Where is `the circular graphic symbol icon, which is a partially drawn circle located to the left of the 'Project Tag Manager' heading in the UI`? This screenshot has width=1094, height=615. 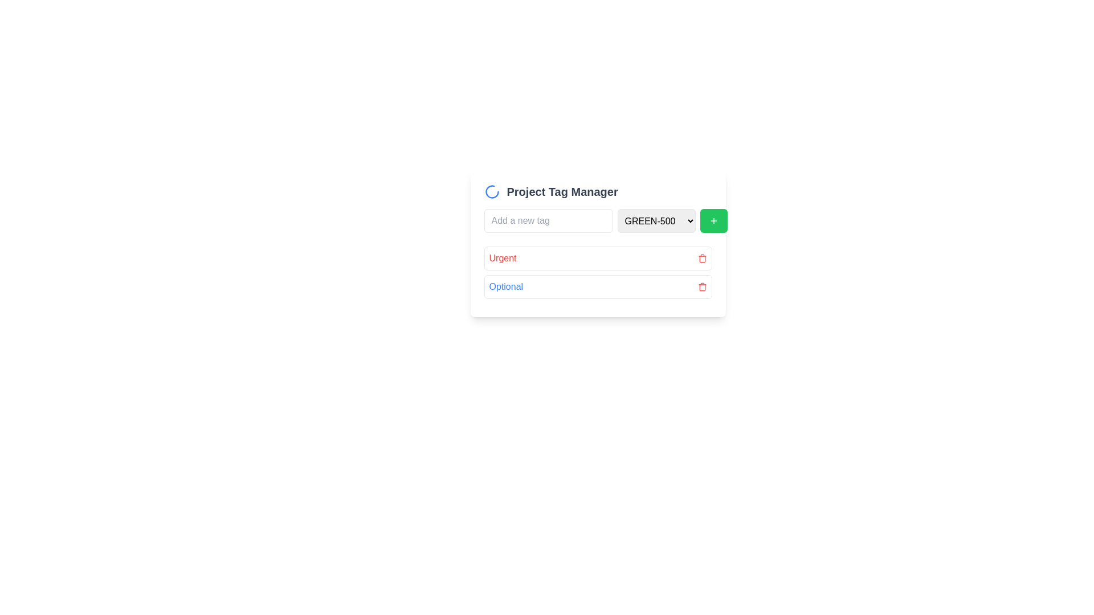
the circular graphic symbol icon, which is a partially drawn circle located to the left of the 'Project Tag Manager' heading in the UI is located at coordinates (492, 191).